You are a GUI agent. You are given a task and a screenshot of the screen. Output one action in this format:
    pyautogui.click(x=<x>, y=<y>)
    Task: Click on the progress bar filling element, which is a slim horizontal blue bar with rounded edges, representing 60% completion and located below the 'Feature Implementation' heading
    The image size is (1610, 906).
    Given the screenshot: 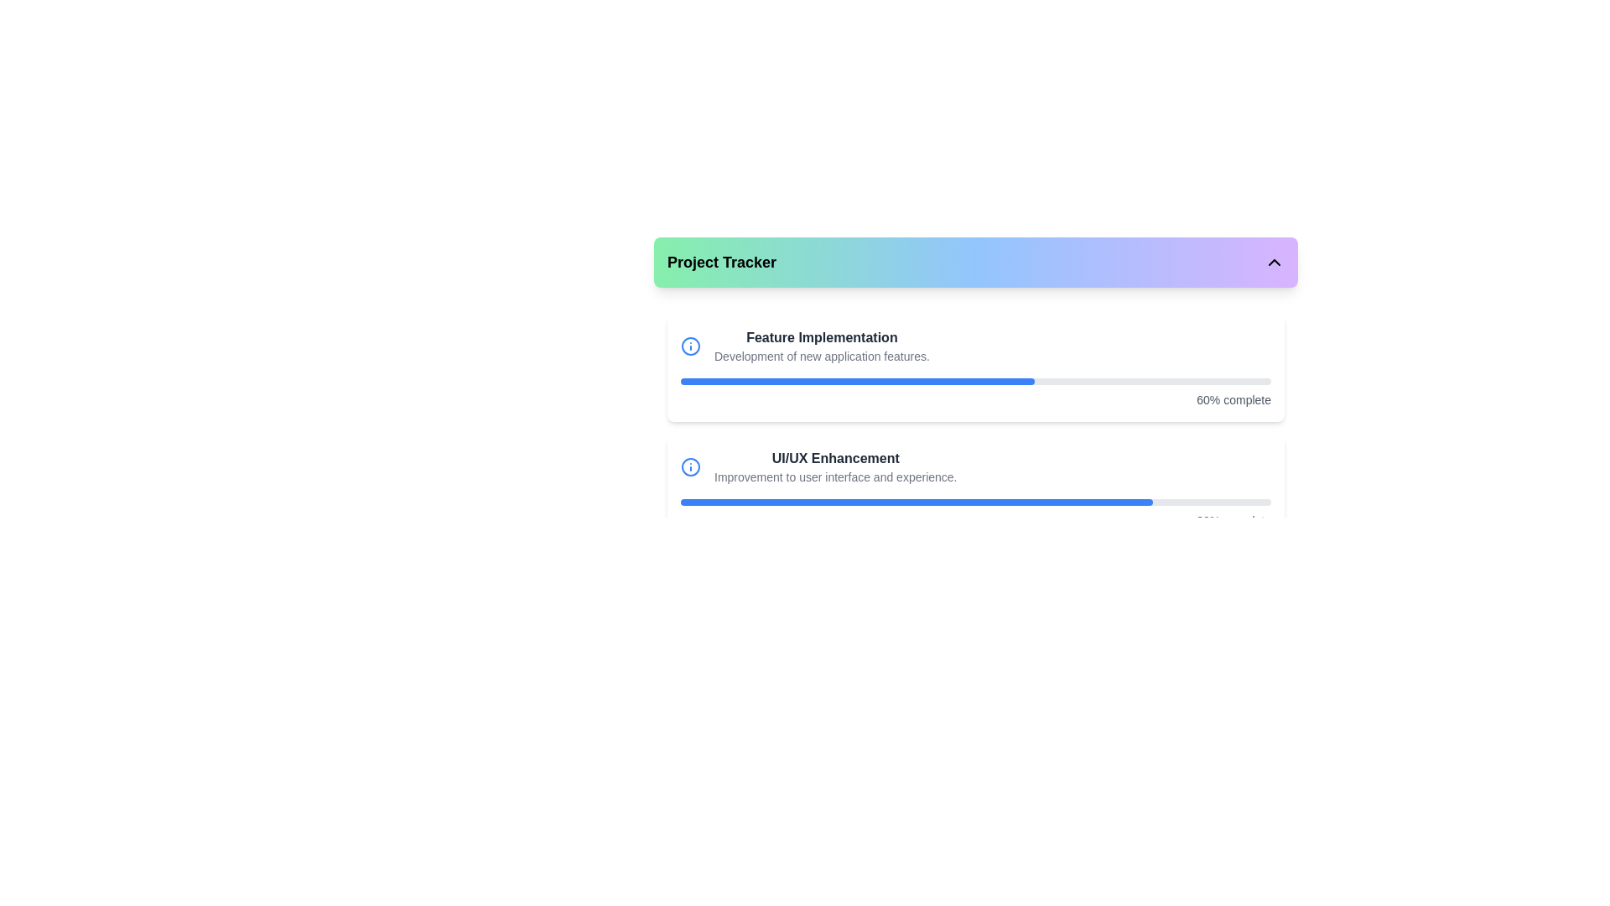 What is the action you would take?
    pyautogui.click(x=858, y=382)
    